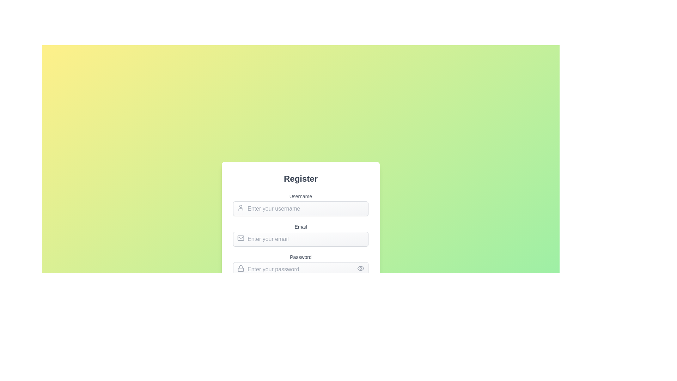 This screenshot has height=381, width=677. What do you see at coordinates (301, 196) in the screenshot?
I see `the label that indicates the username input field, which is located above the username input box in the registration form` at bounding box center [301, 196].